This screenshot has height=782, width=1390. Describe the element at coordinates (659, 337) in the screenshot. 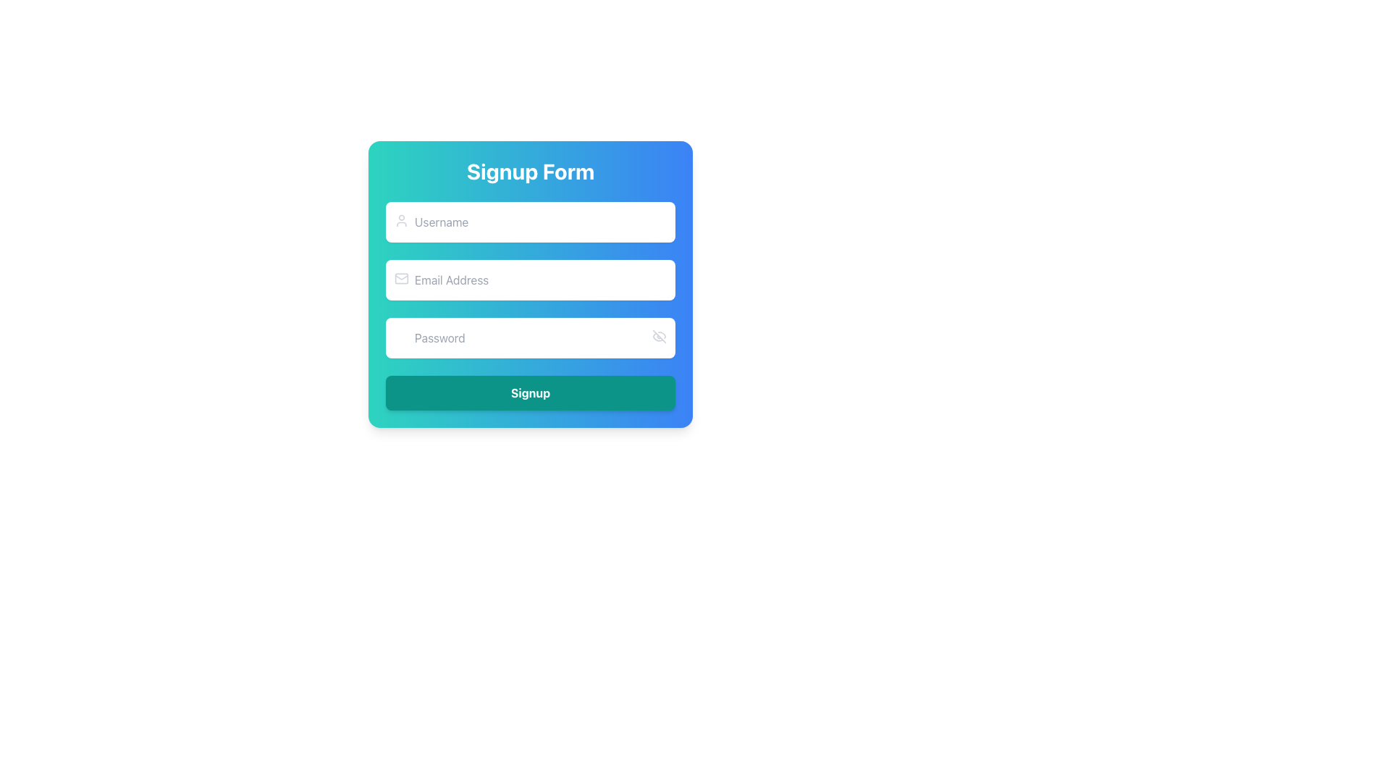

I see `the toggle icon for password visibility, which resembles a crossed-out eye and is located at the top-right corner of the password input field` at that location.